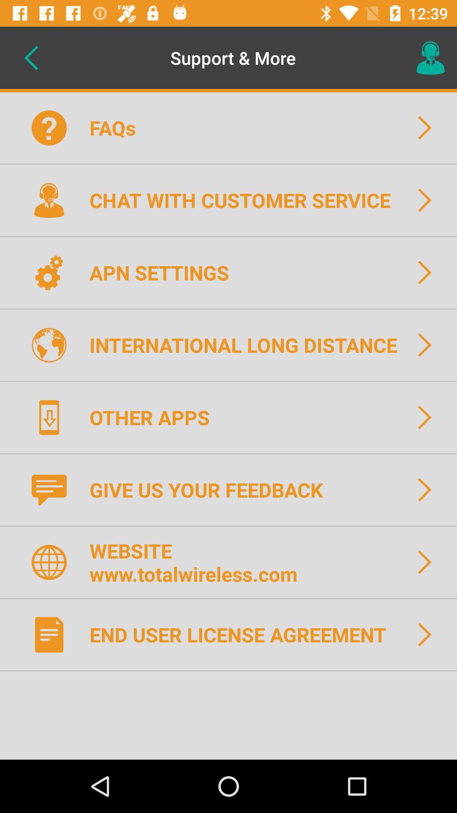  What do you see at coordinates (155, 417) in the screenshot?
I see `other apps` at bounding box center [155, 417].